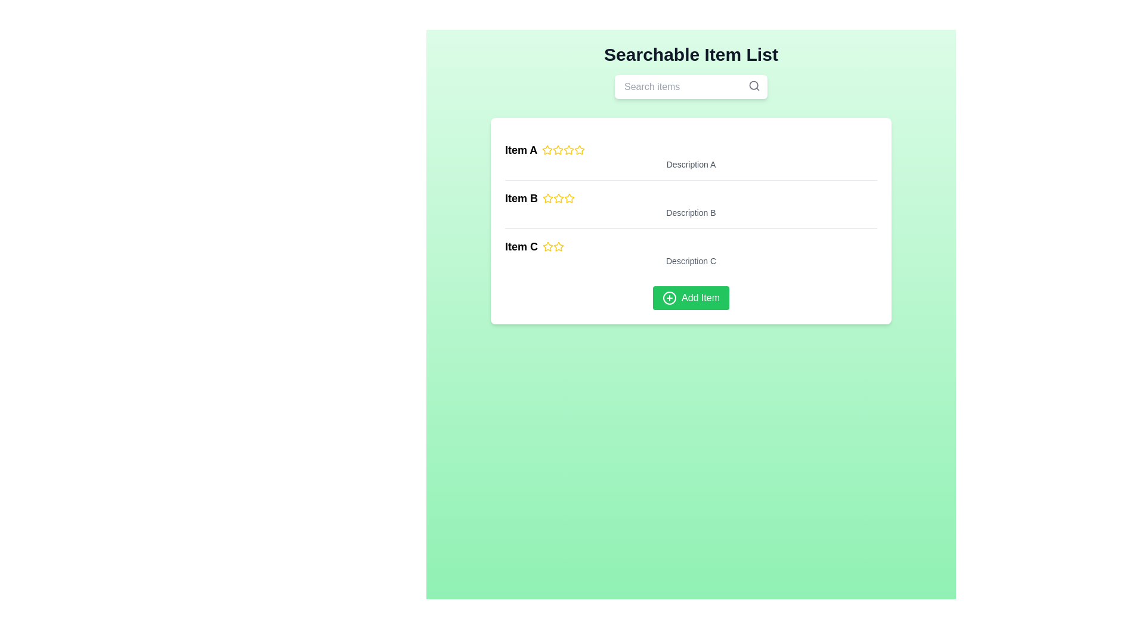  What do you see at coordinates (547, 246) in the screenshot?
I see `the fourth star icon in the rating section for 'Item C' to set a rating` at bounding box center [547, 246].